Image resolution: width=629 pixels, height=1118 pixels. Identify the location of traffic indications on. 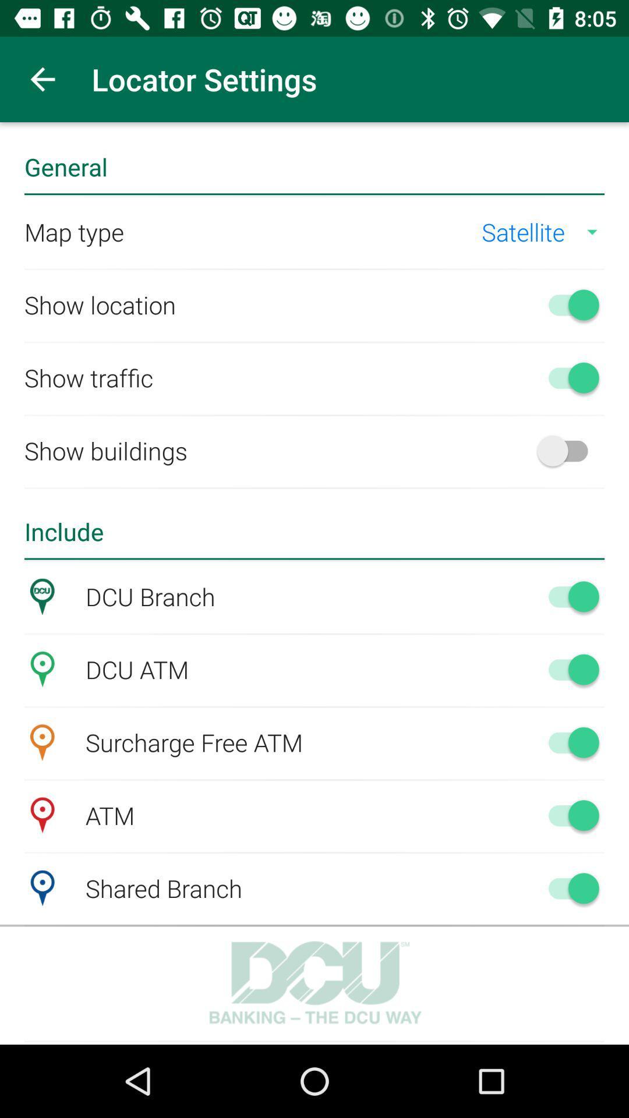
(567, 377).